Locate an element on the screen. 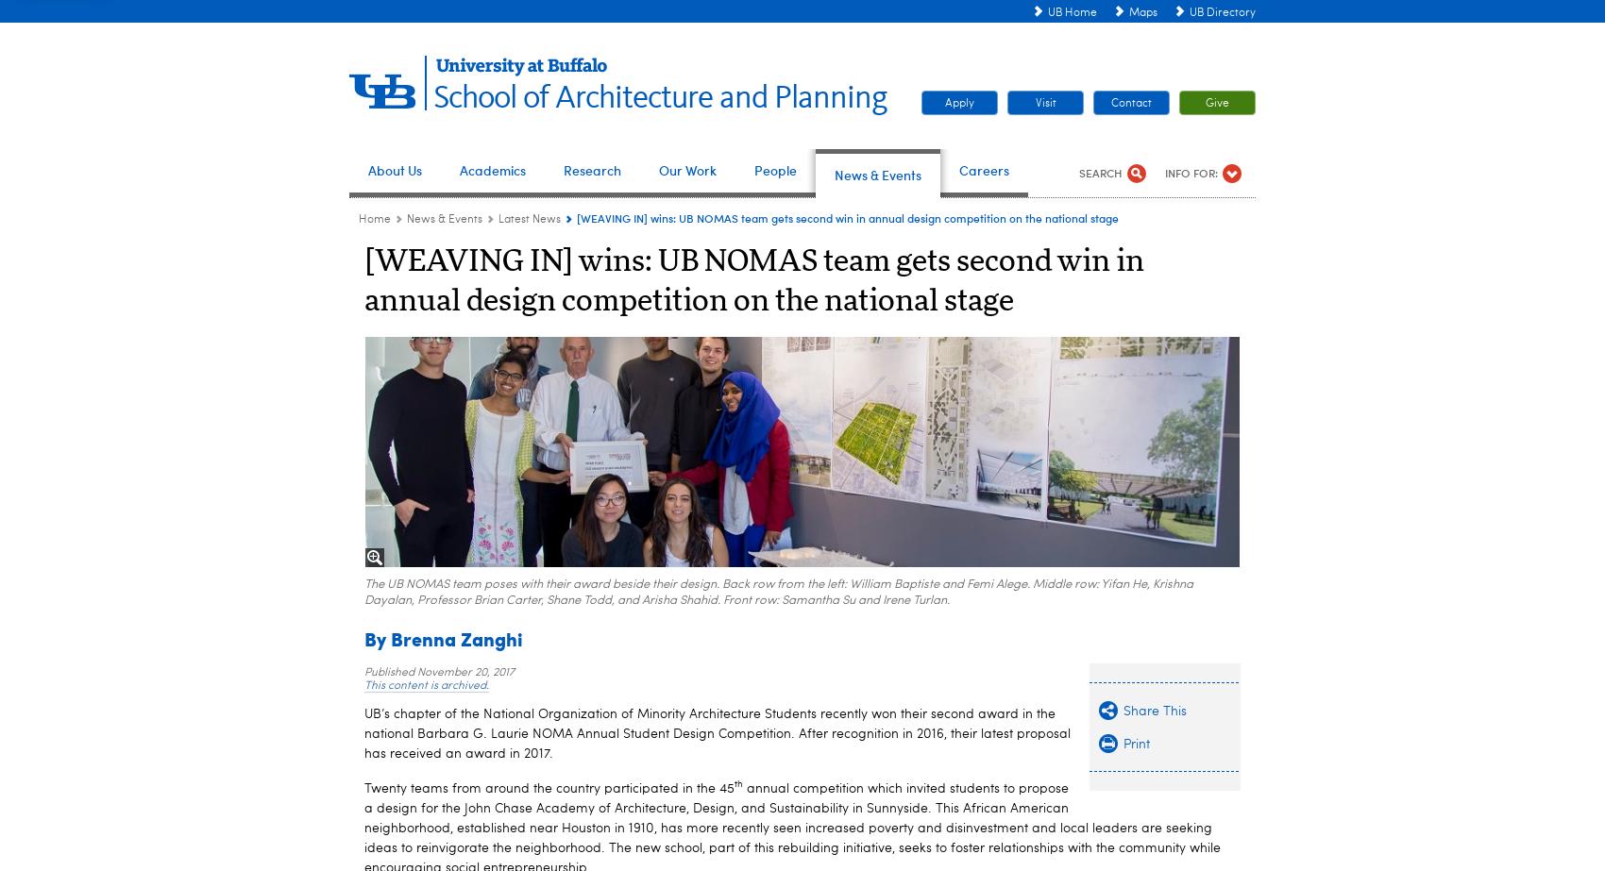 The width and height of the screenshot is (1605, 871). 'Published' is located at coordinates (389, 671).